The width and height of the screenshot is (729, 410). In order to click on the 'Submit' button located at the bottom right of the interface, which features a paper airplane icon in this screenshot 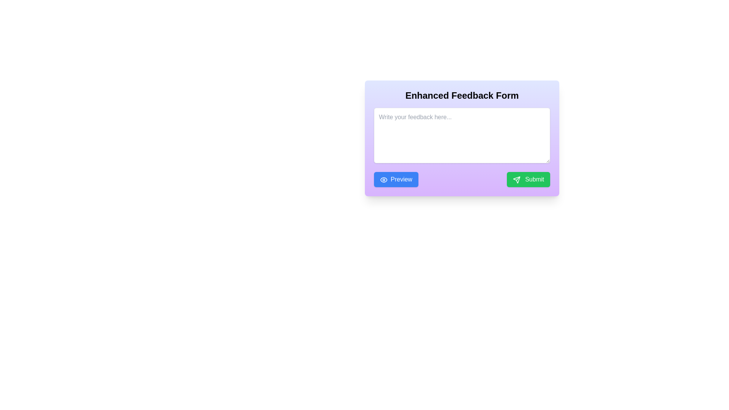, I will do `click(516, 180)`.